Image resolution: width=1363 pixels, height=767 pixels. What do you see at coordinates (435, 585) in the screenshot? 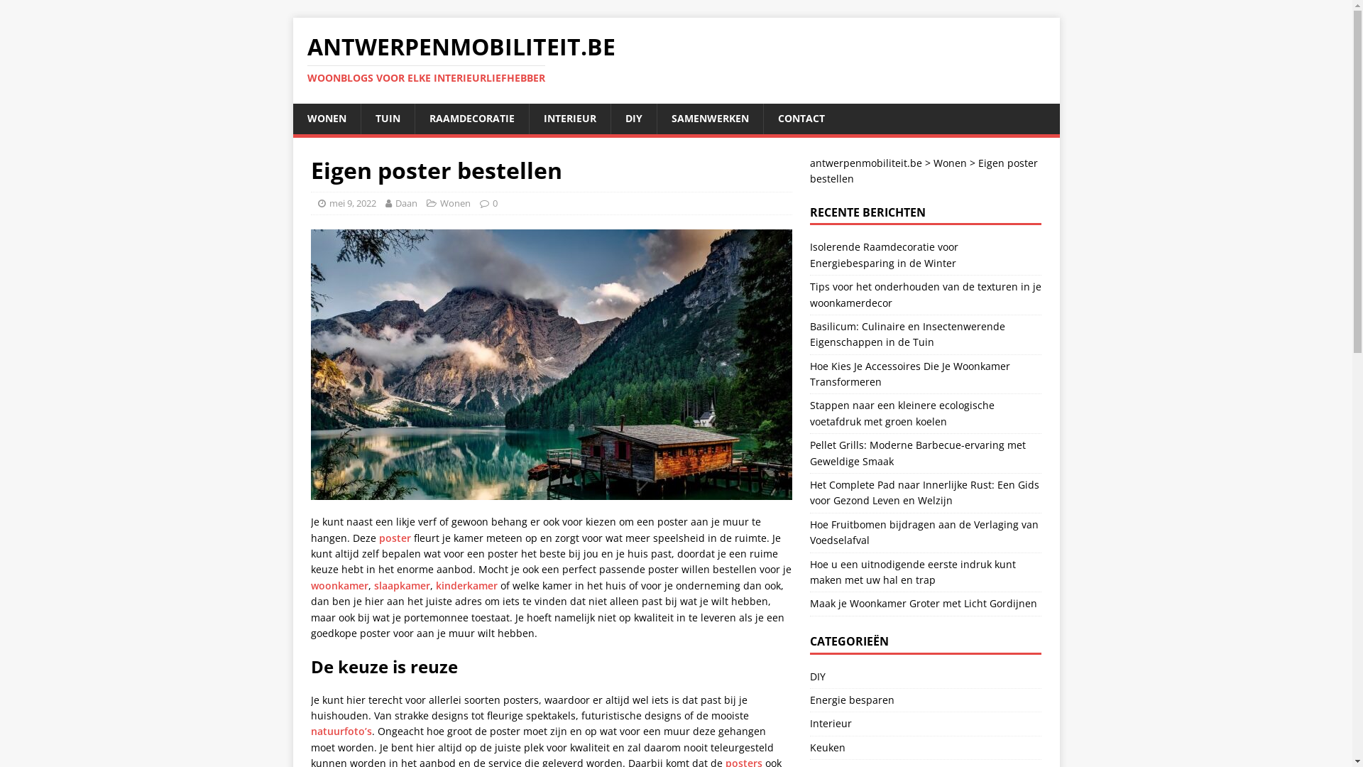
I see `'kinderkamer'` at bounding box center [435, 585].